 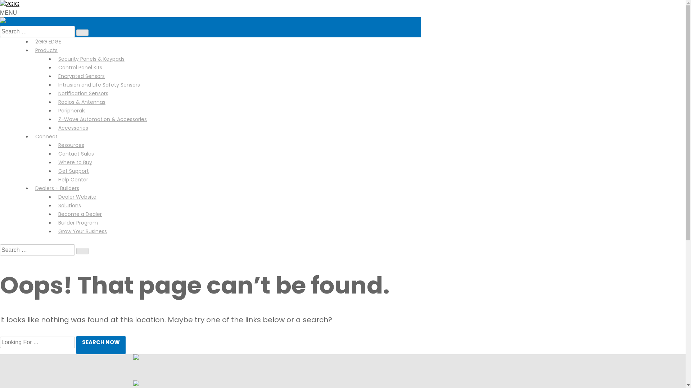 What do you see at coordinates (8, 21) in the screenshot?
I see `'2GIG'` at bounding box center [8, 21].